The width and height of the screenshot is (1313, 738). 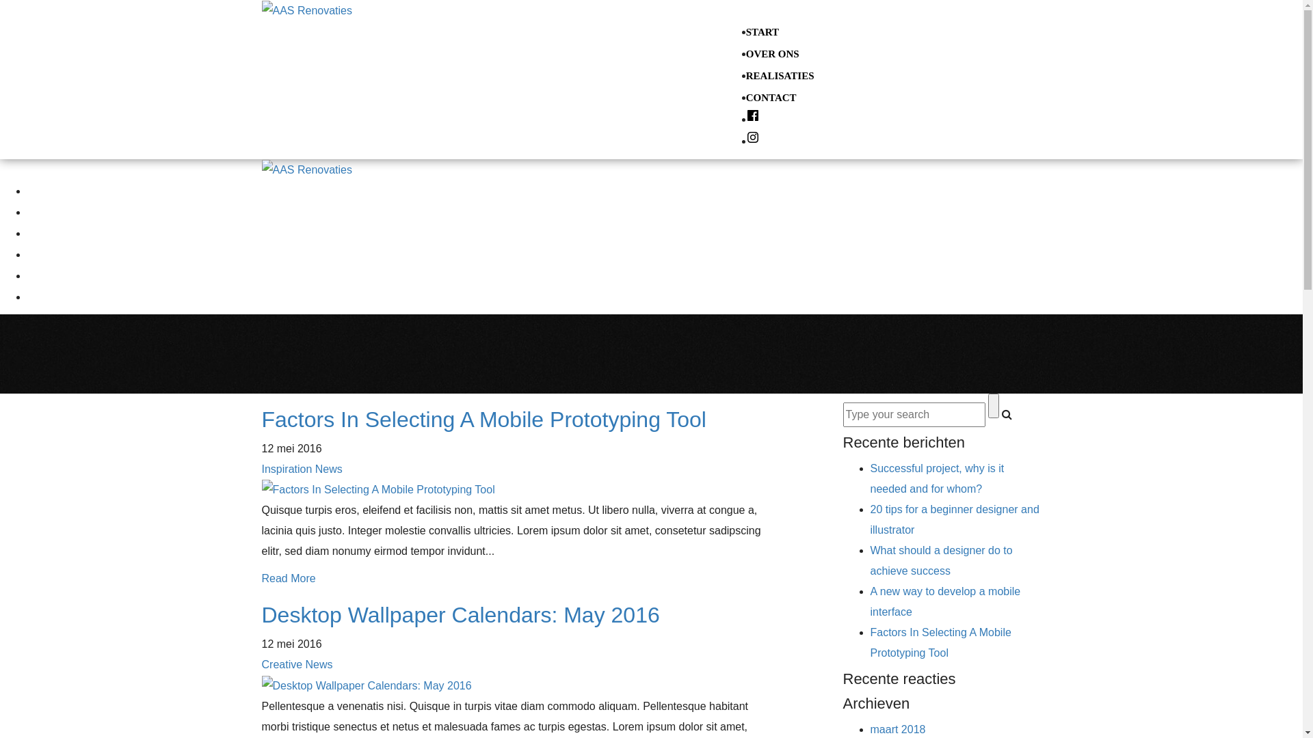 What do you see at coordinates (780, 76) in the screenshot?
I see `'REALISATIES'` at bounding box center [780, 76].